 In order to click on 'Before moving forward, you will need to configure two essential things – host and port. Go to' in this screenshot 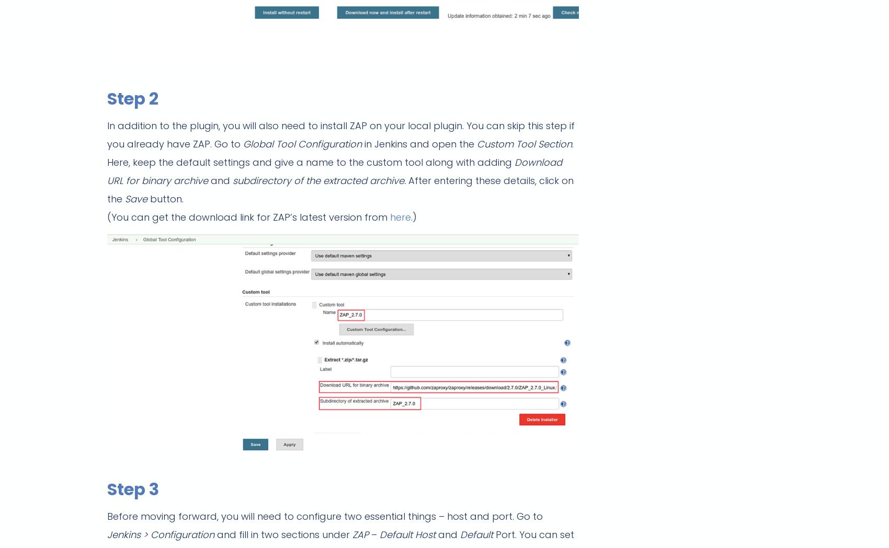, I will do `click(107, 516)`.